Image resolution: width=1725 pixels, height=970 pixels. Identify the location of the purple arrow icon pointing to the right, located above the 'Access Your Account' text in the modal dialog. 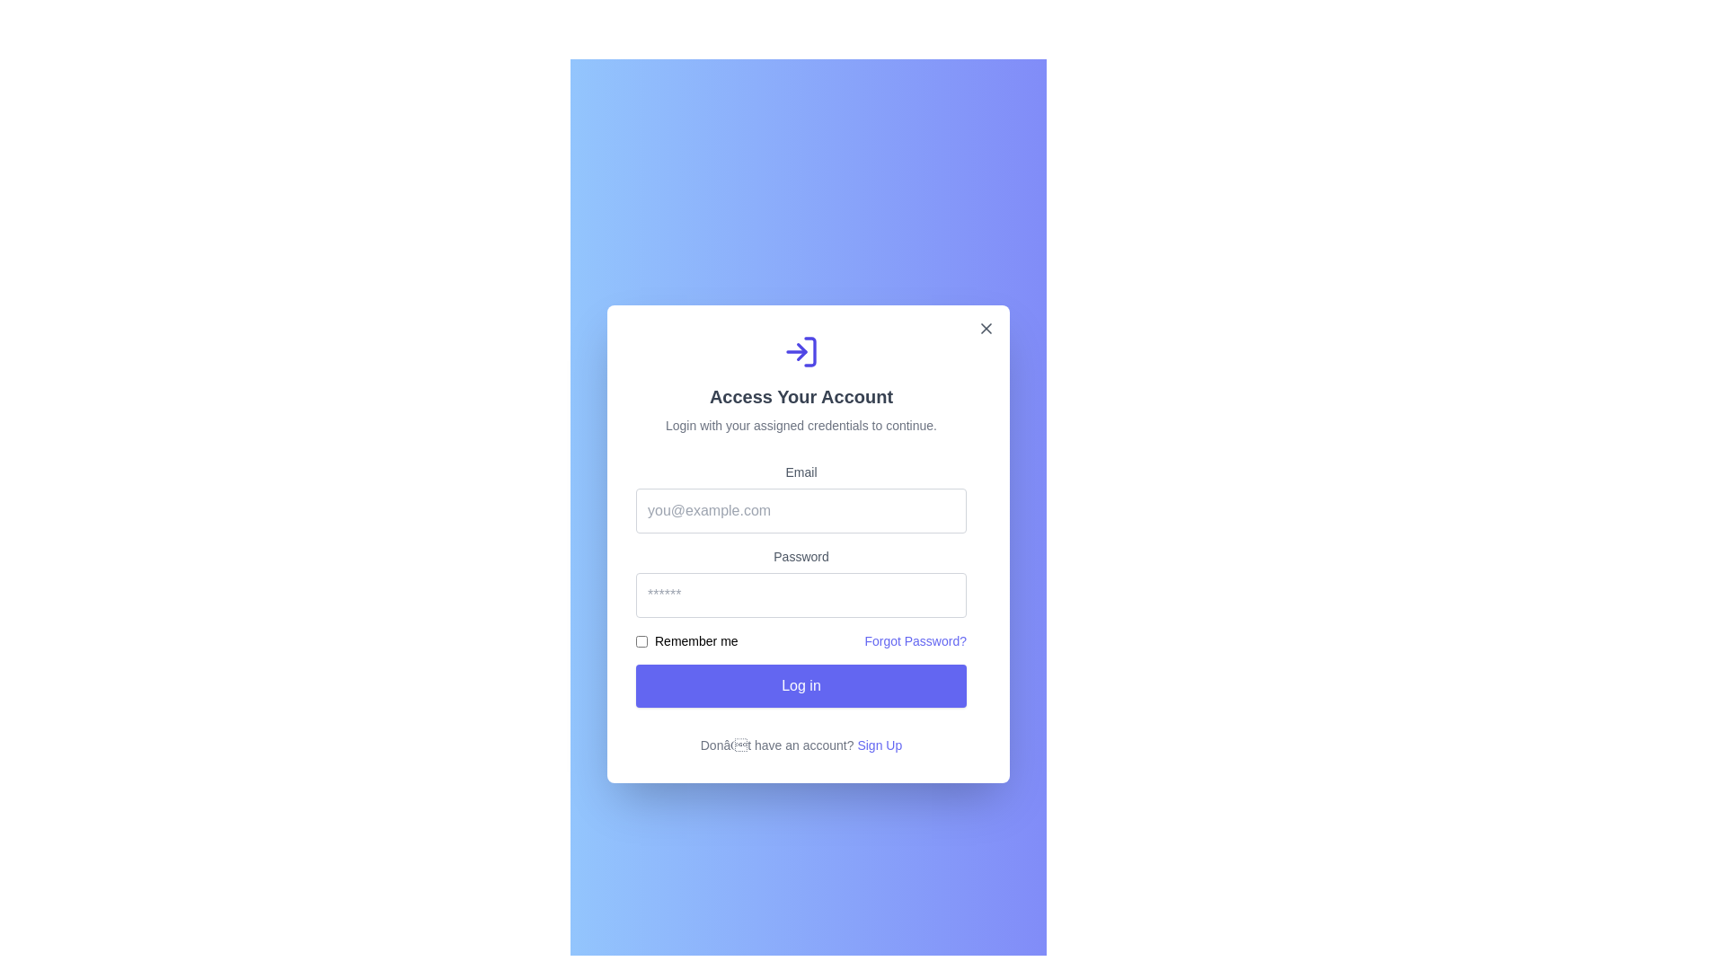
(801, 352).